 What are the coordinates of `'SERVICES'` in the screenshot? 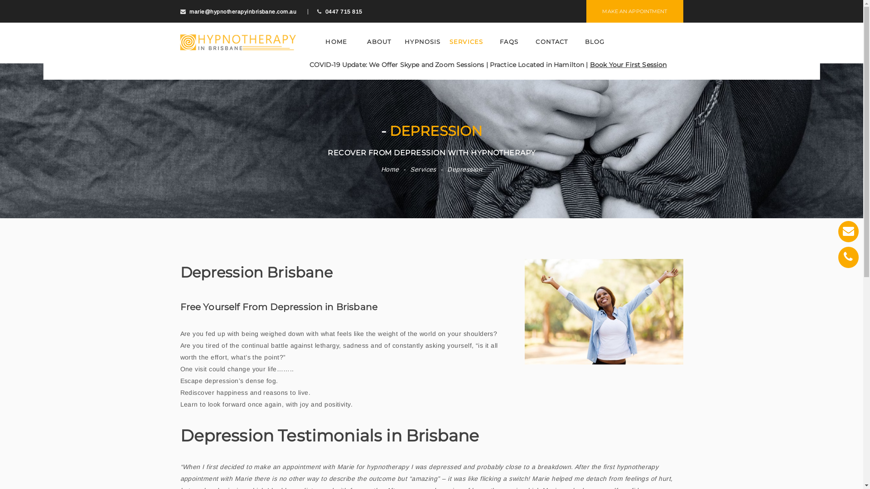 It's located at (445, 42).